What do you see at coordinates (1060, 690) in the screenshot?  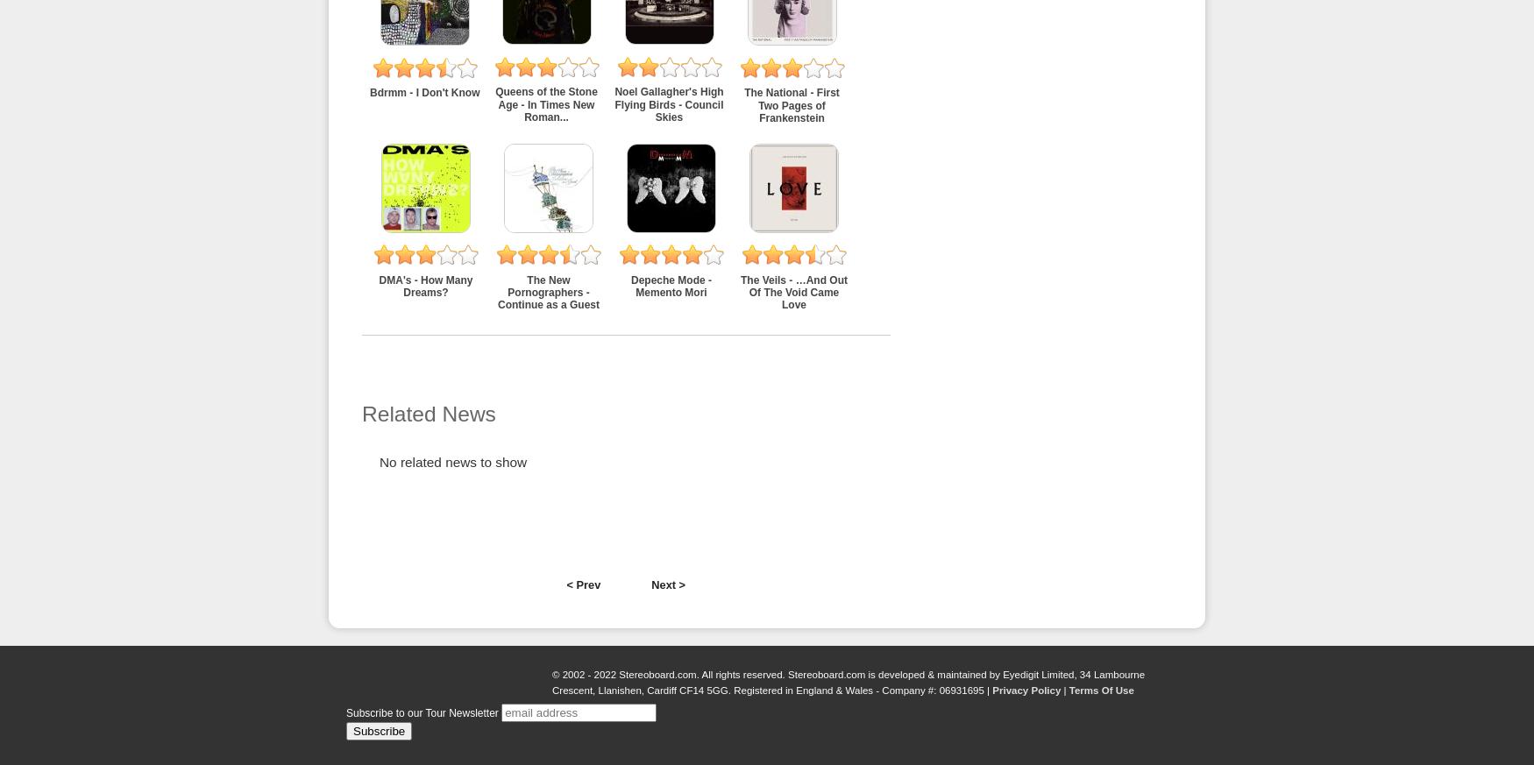 I see `'|'` at bounding box center [1060, 690].